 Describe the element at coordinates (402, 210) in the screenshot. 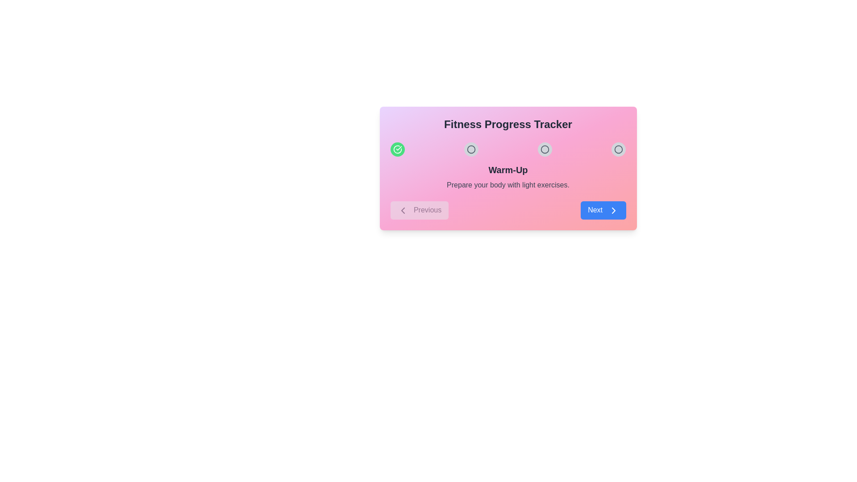

I see `the left-pointing chevron icon located within the 'Previous' button at the bottom-left corner of the card` at that location.